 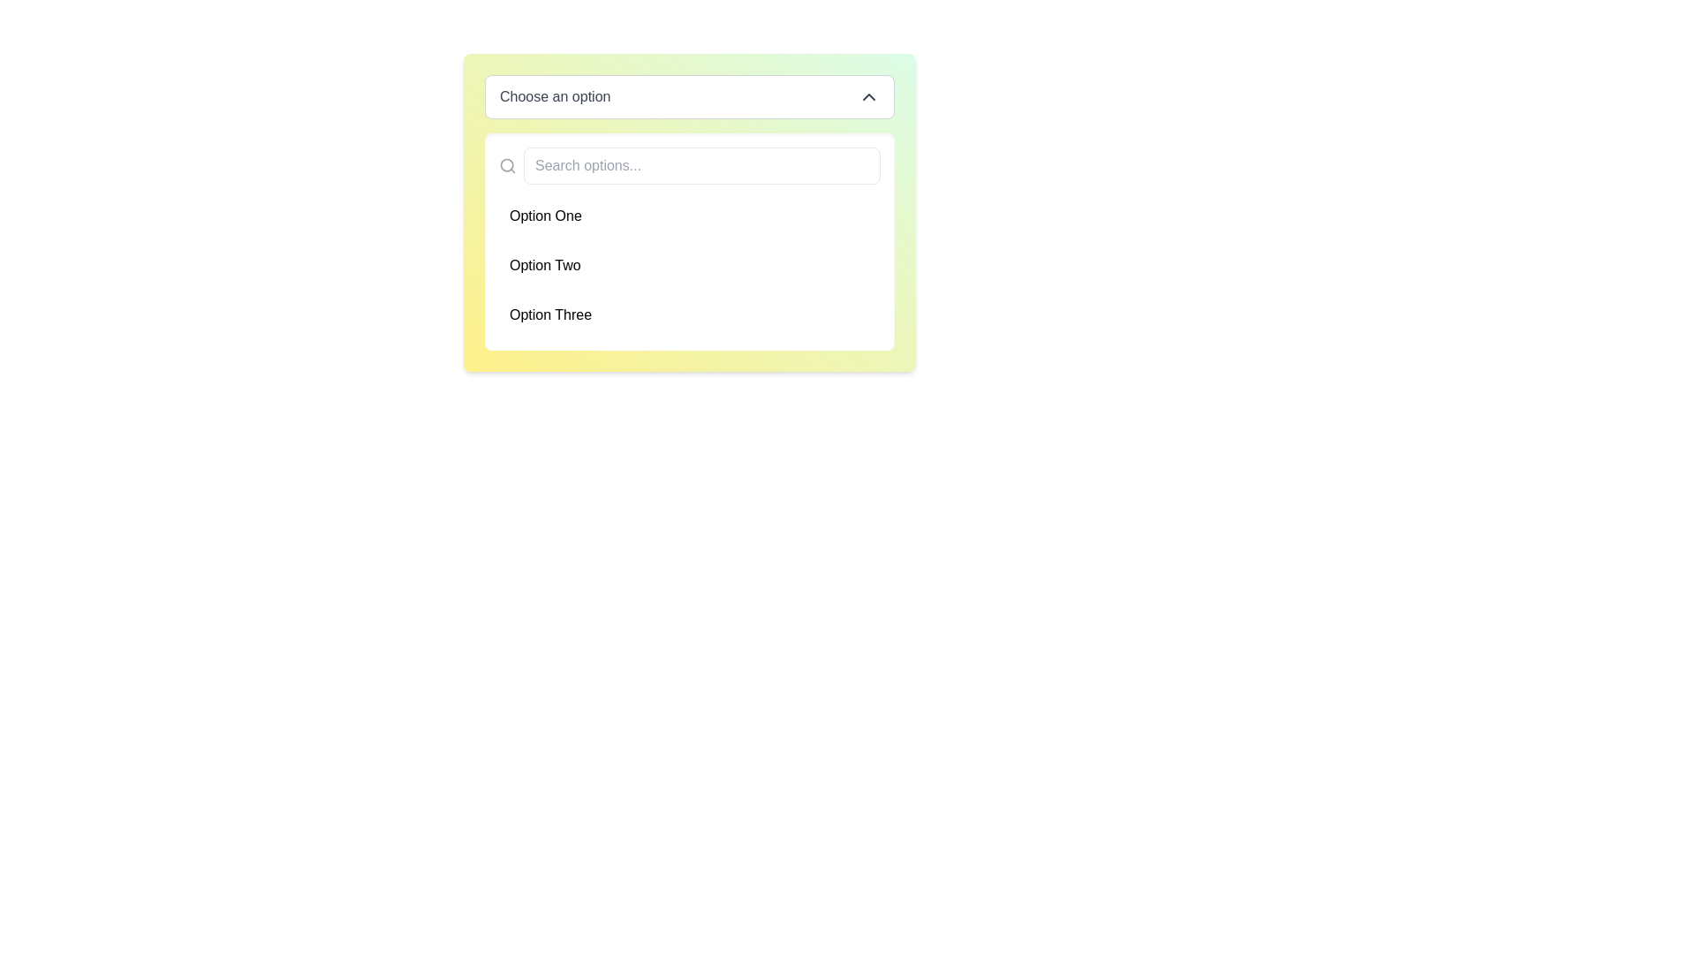 What do you see at coordinates (689, 216) in the screenshot?
I see `the first selectable option in the dropdown list located directly below the 'Search options...' input box` at bounding box center [689, 216].